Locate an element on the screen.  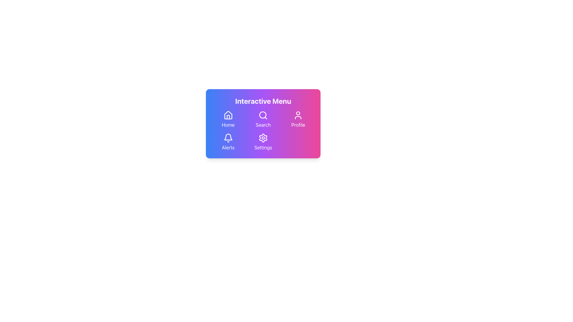
the Interactive menu item labeled 'Alerts' located in the bottom-left portion of the grid is located at coordinates (228, 142).